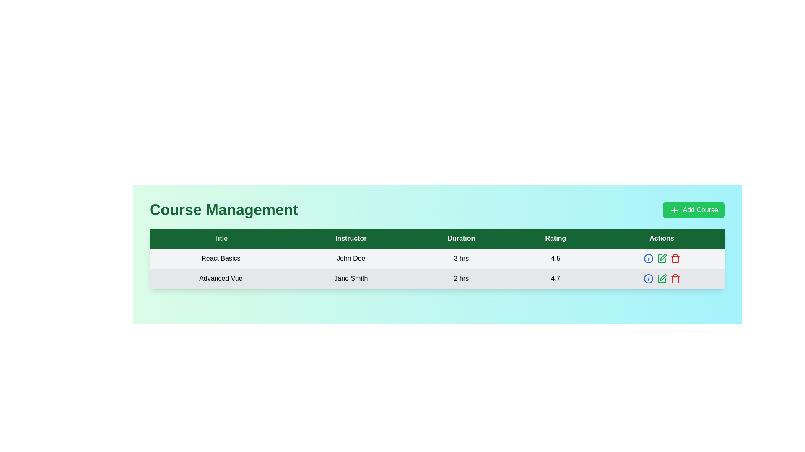 The width and height of the screenshot is (805, 452). Describe the element at coordinates (661, 279) in the screenshot. I see `the green-colored pencil icon in the 'Actions' section of the second row for editing the course 'Advanced Vue'` at that location.